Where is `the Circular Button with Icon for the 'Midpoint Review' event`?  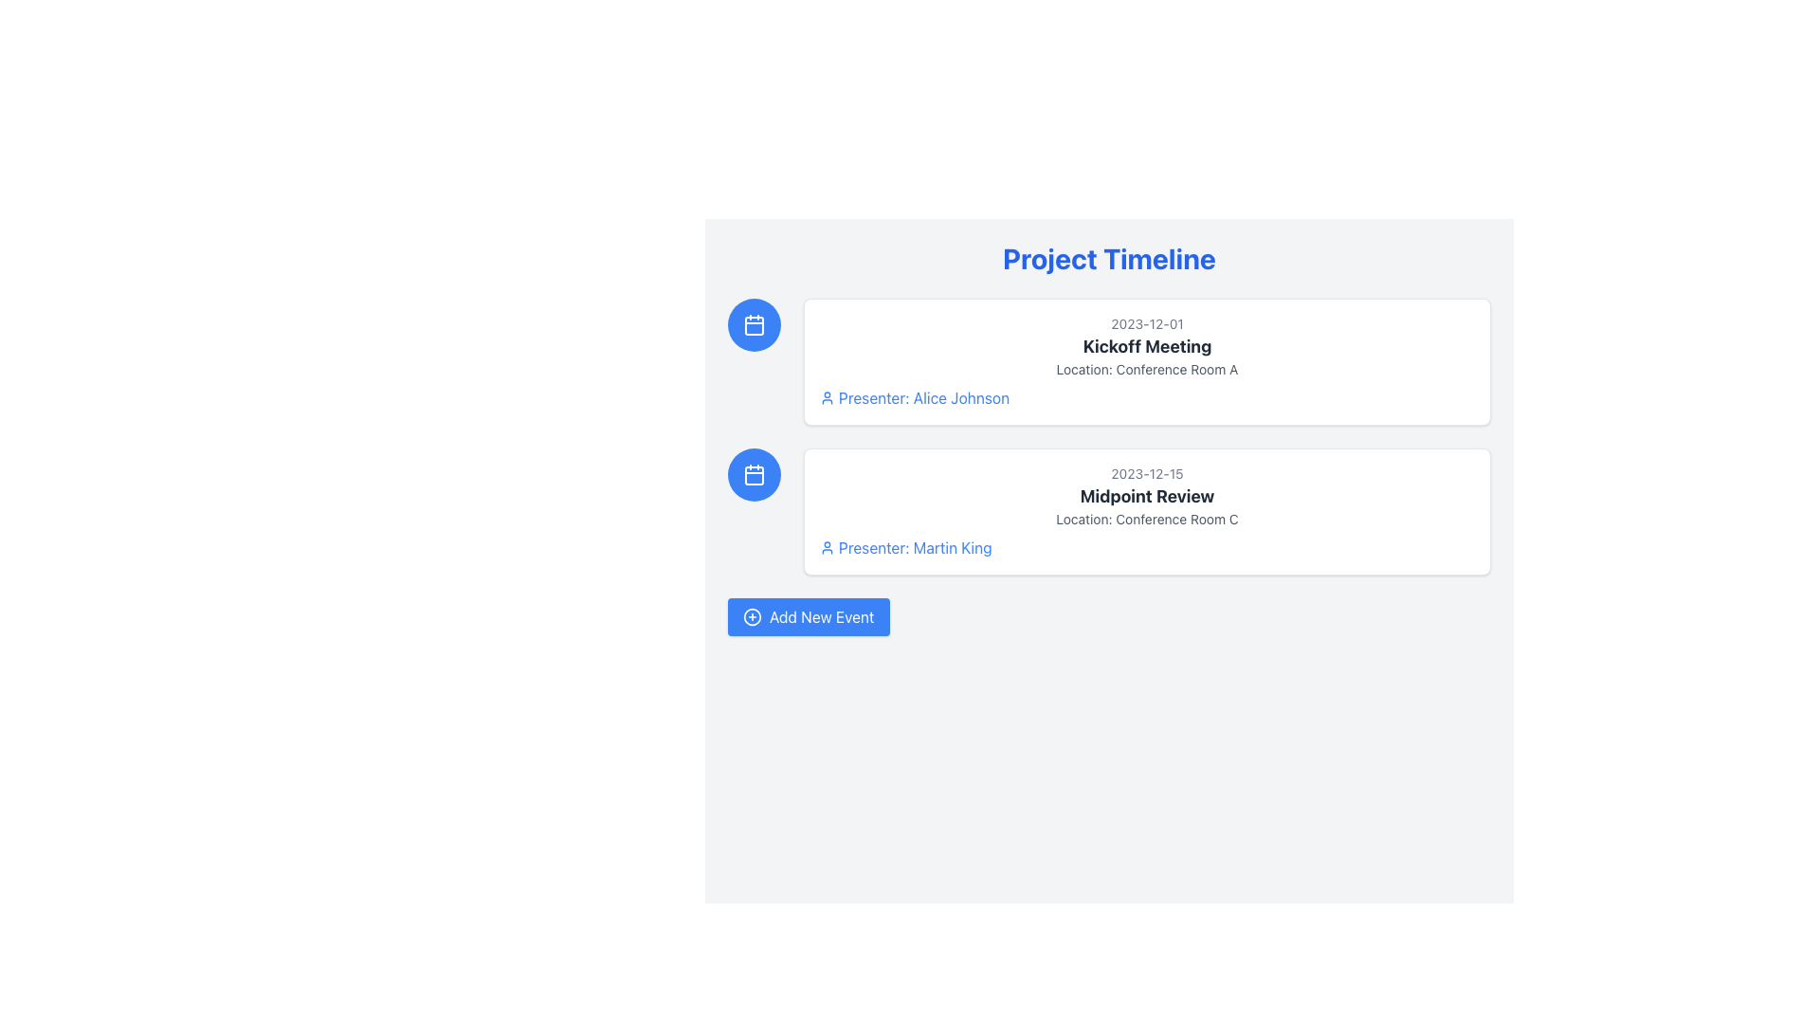
the Circular Button with Icon for the 'Midpoint Review' event is located at coordinates (754, 474).